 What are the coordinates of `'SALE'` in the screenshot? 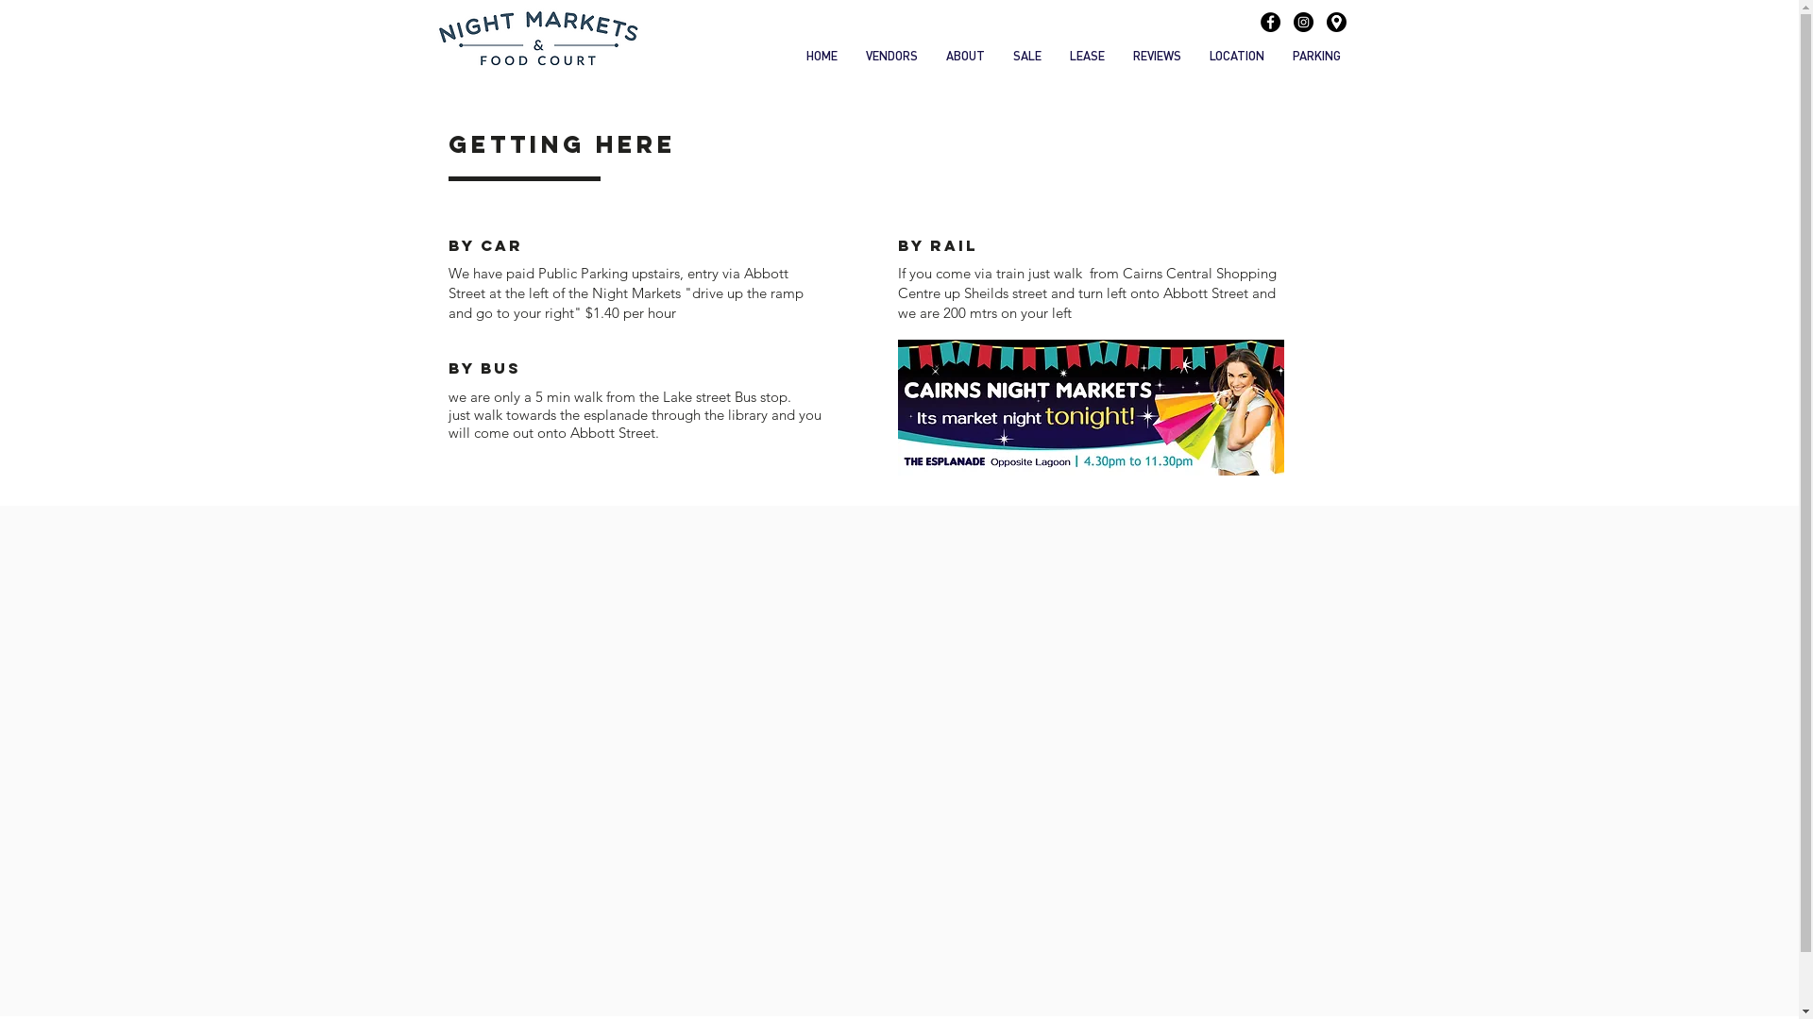 It's located at (997, 54).